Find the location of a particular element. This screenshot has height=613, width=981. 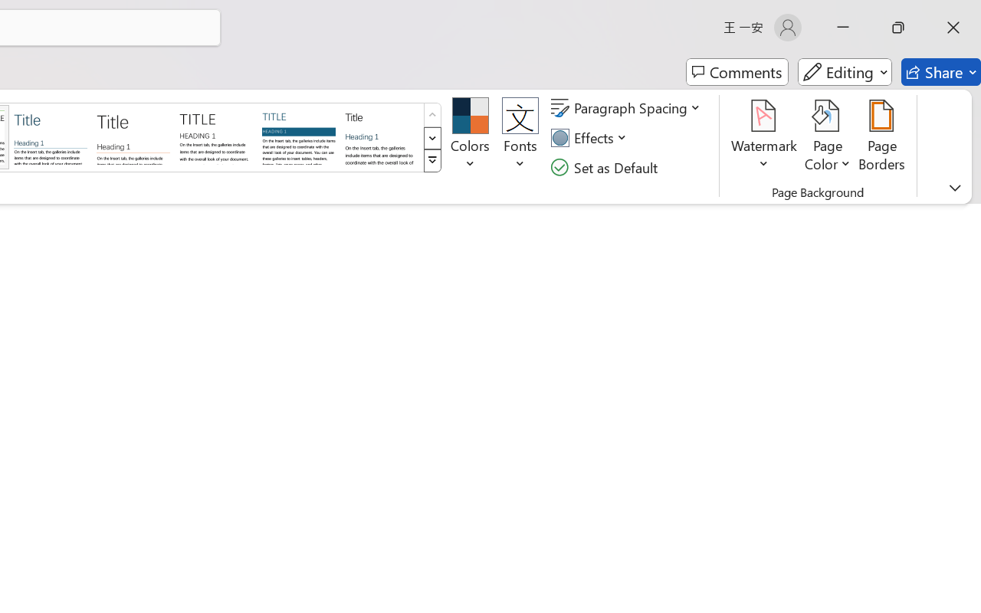

'Minimize' is located at coordinates (842, 27).